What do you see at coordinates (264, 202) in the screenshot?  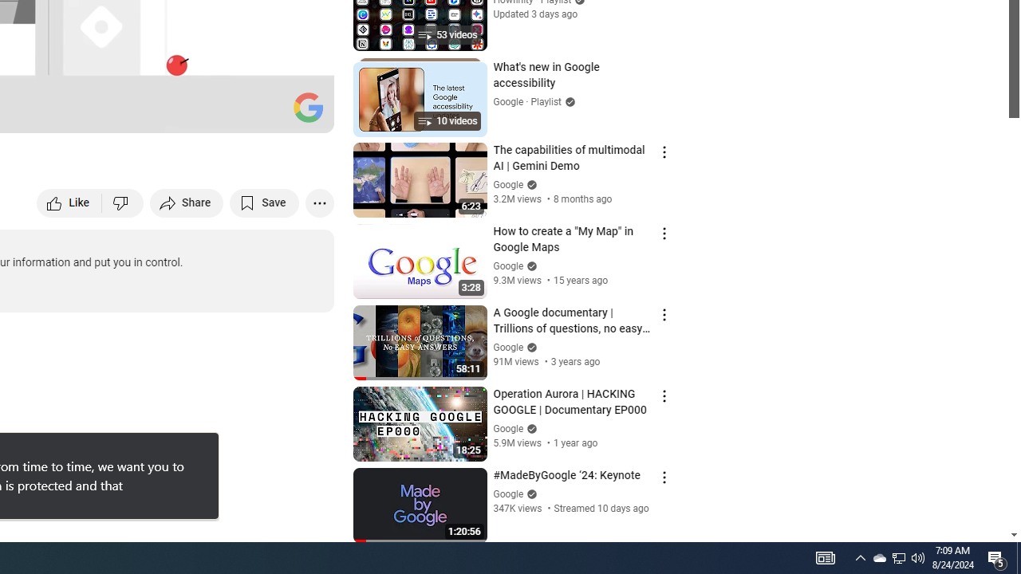 I see `'Save to playlist'` at bounding box center [264, 202].